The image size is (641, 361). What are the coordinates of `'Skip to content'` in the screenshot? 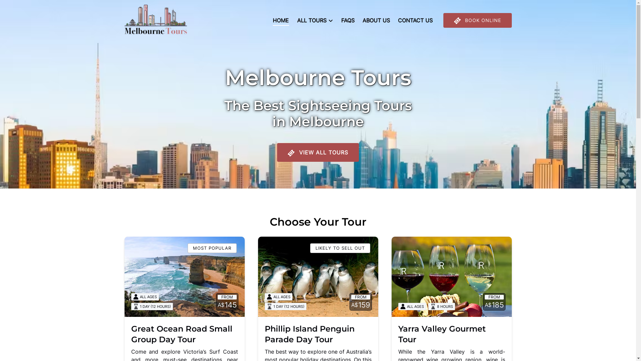 It's located at (23, 7).